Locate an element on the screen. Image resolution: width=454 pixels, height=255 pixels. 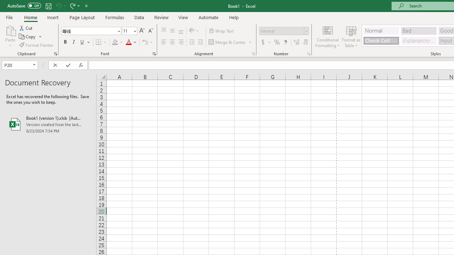
'Bold' is located at coordinates (65, 42).